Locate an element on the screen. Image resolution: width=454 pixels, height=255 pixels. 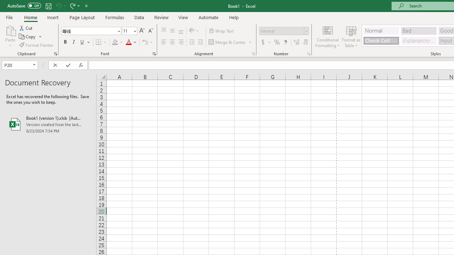
'Bold' is located at coordinates (65, 42).